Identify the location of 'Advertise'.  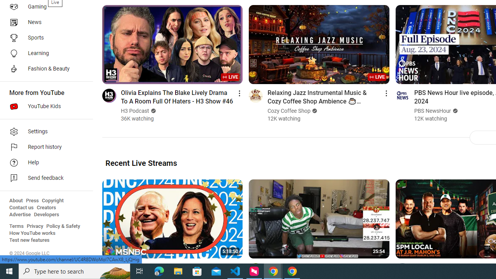
(20, 215).